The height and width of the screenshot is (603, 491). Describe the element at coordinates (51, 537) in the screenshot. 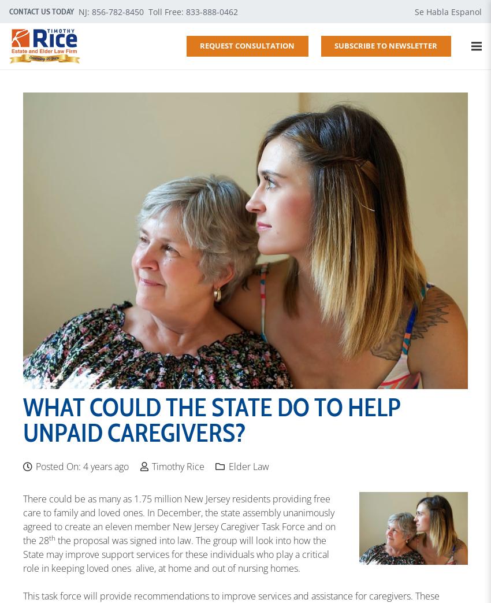

I see `'th'` at that location.